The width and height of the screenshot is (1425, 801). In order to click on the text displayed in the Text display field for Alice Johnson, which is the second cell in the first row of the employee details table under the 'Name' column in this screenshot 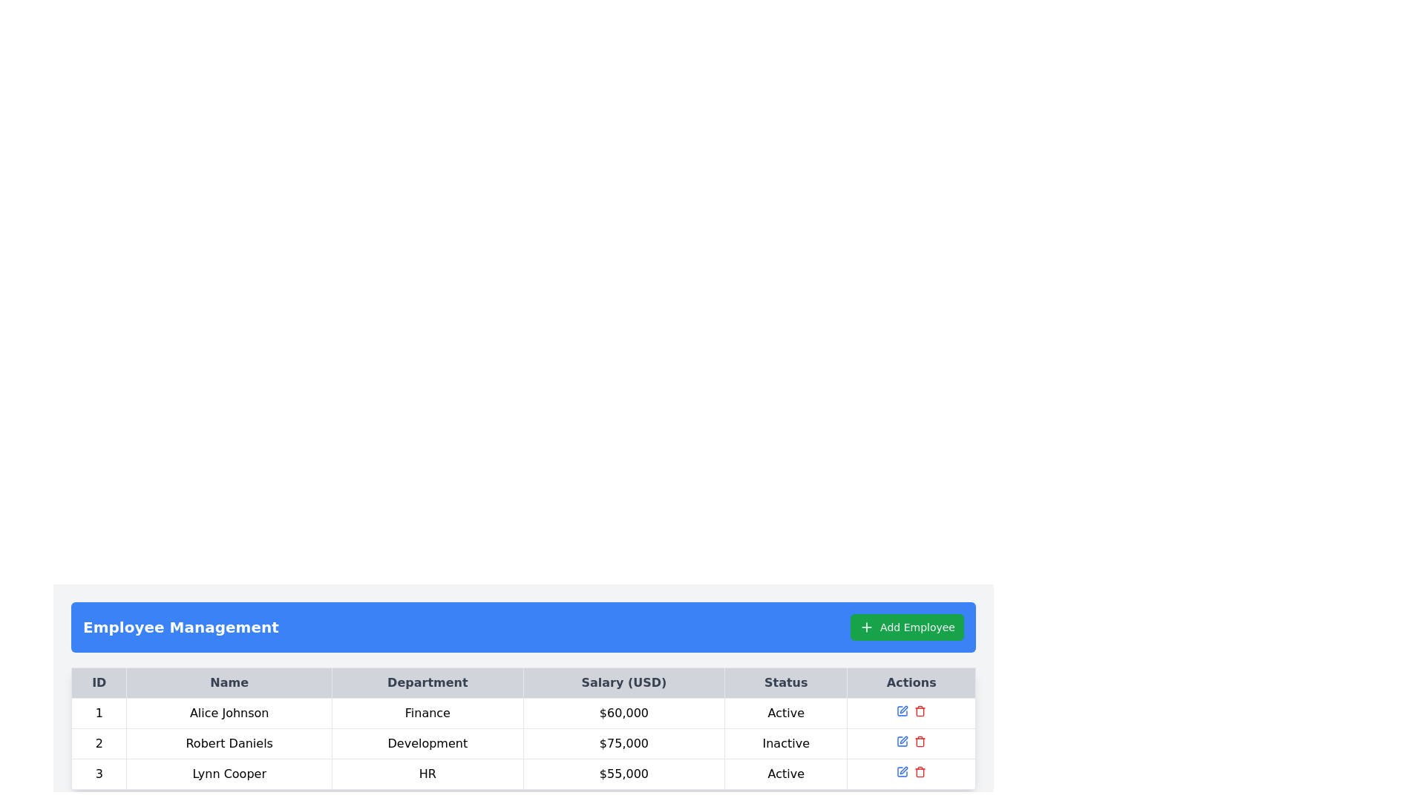, I will do `click(229, 712)`.